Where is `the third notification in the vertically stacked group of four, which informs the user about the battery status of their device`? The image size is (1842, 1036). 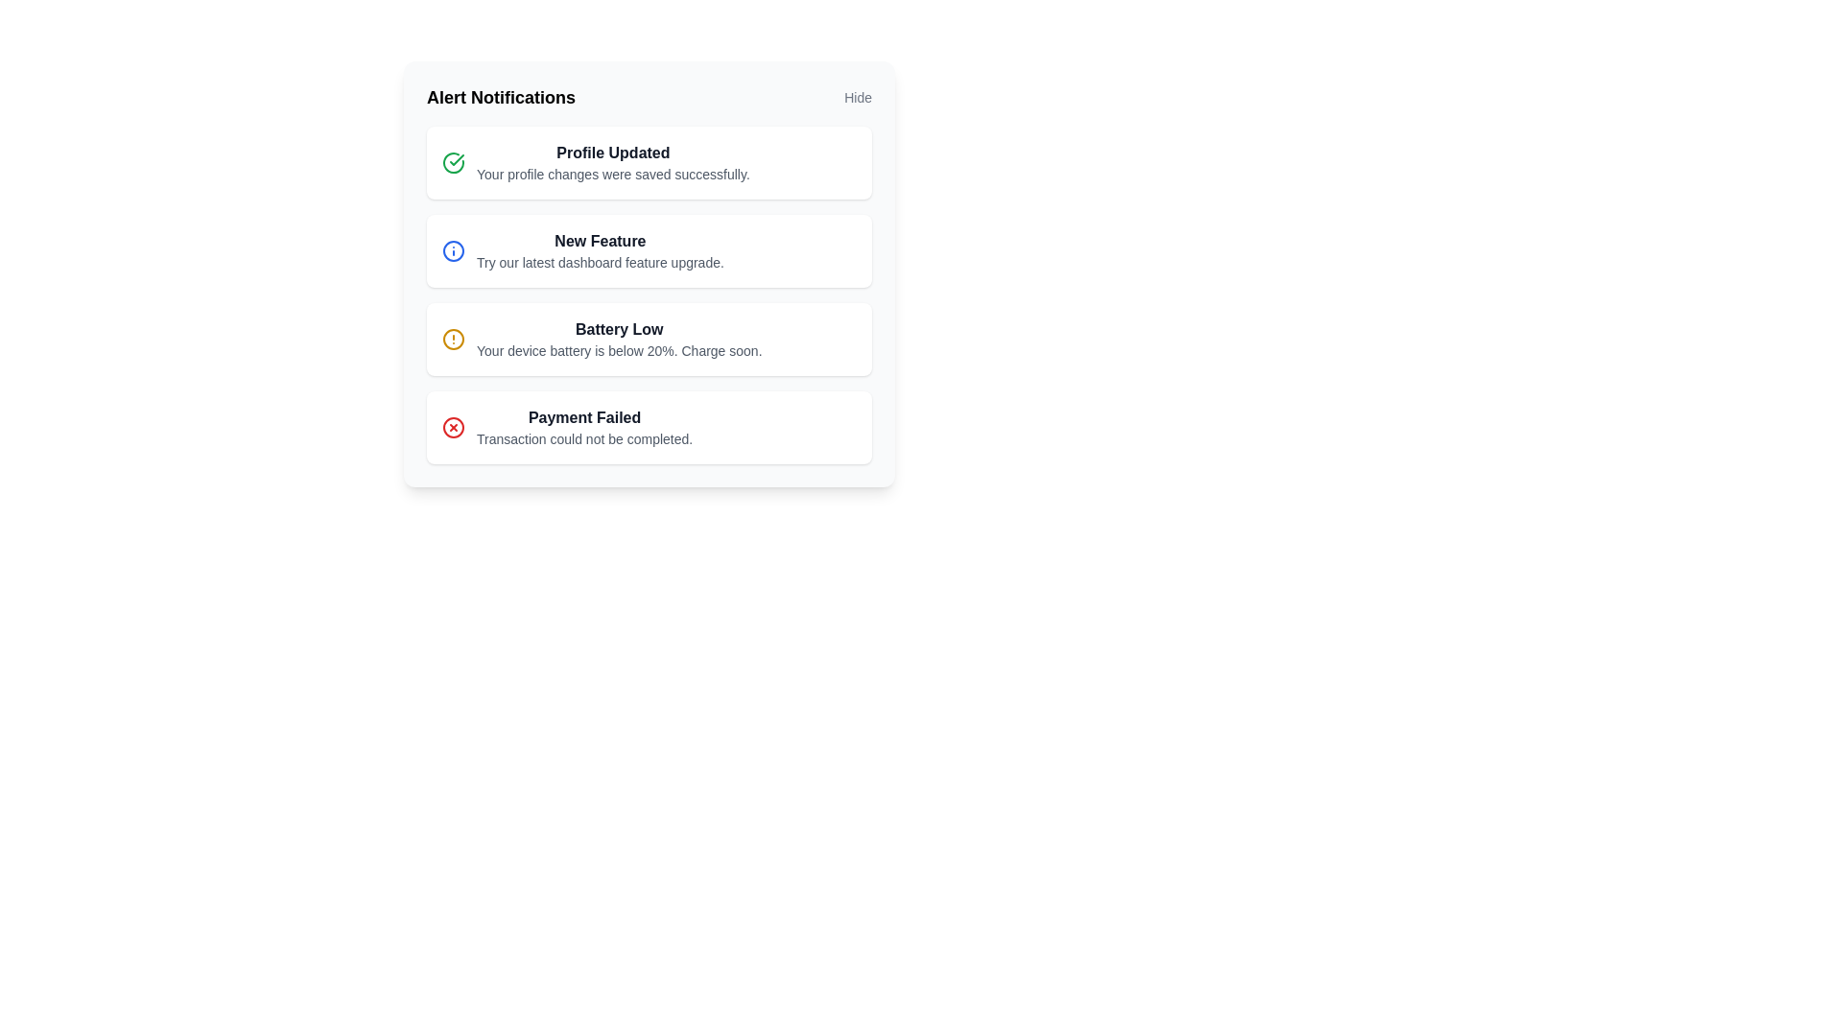 the third notification in the vertically stacked group of four, which informs the user about the battery status of their device is located at coordinates (649, 295).